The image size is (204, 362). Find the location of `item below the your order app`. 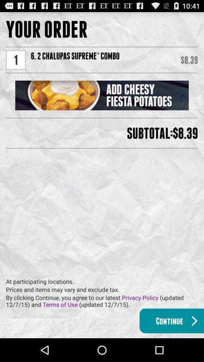

item below the your order app is located at coordinates (16, 59).